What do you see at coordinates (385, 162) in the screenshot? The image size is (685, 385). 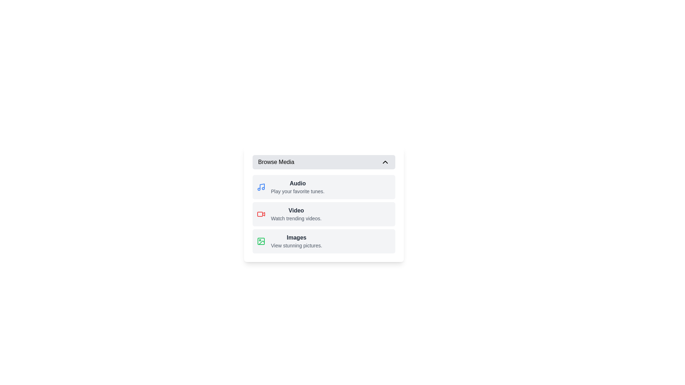 I see `the chevron icon located at the top-right corner of the 'Browse Media' section` at bounding box center [385, 162].